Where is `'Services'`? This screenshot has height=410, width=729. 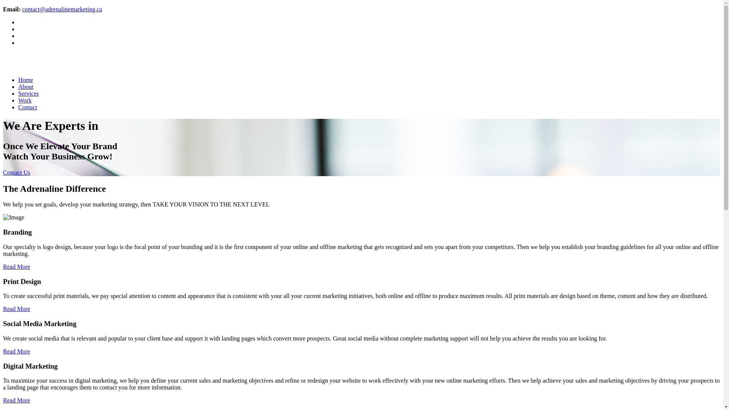 'Services' is located at coordinates (28, 93).